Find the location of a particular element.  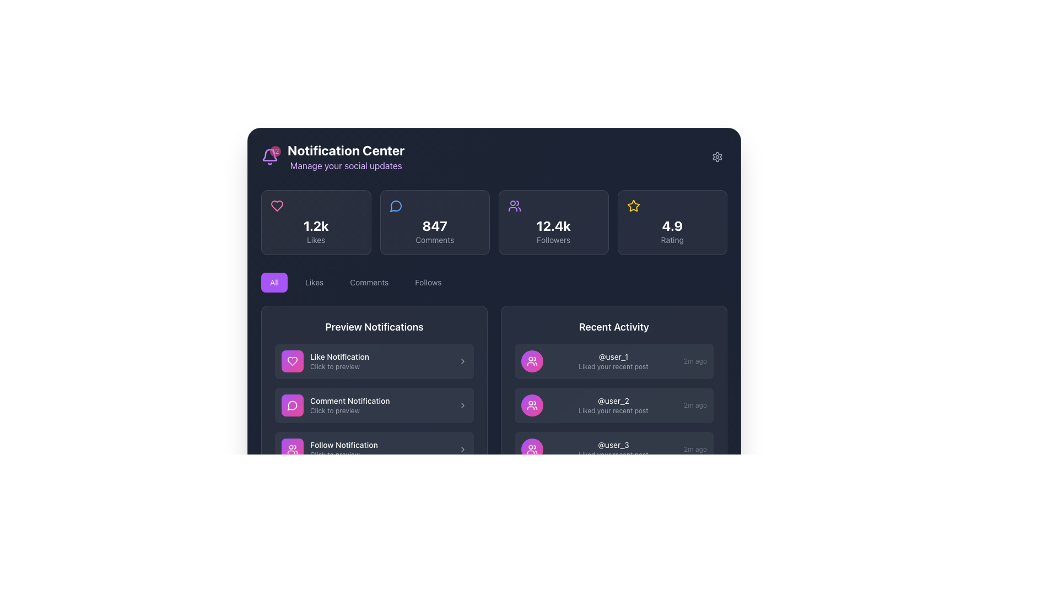

the user activity icon located in the 'Recent Activity' section, which represents the notification for '@user_2 Liked your recent post' is located at coordinates (532, 405).